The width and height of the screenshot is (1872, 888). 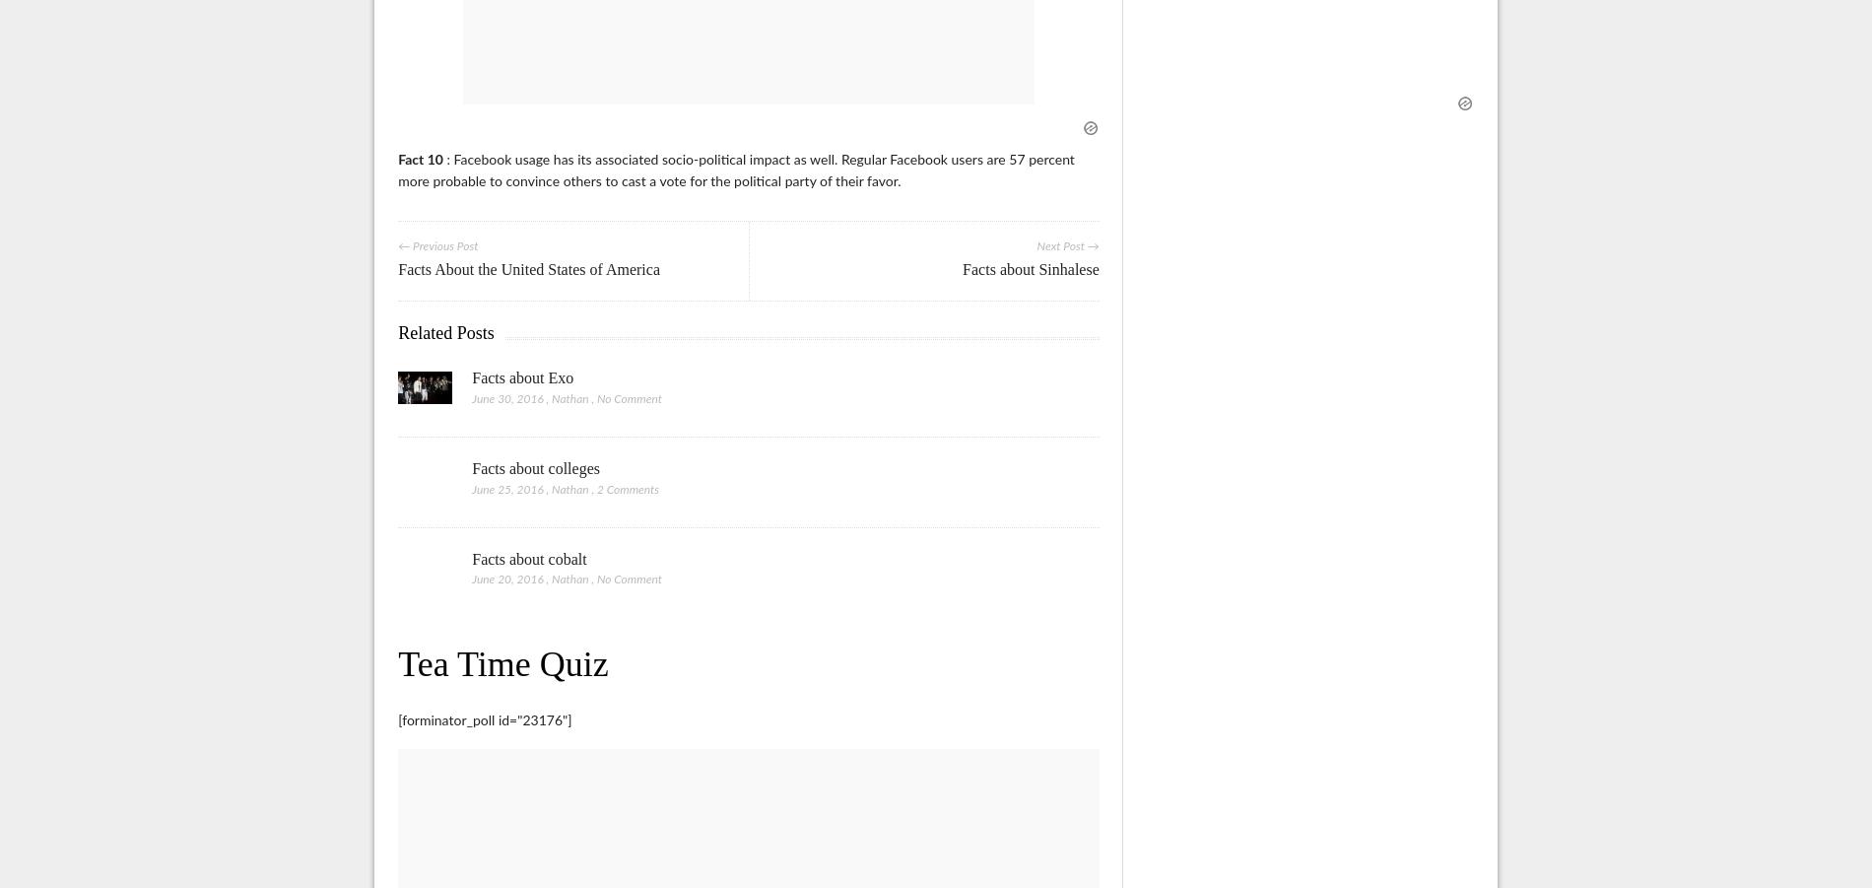 I want to click on 'Facts About the United States of America', so click(x=528, y=269).